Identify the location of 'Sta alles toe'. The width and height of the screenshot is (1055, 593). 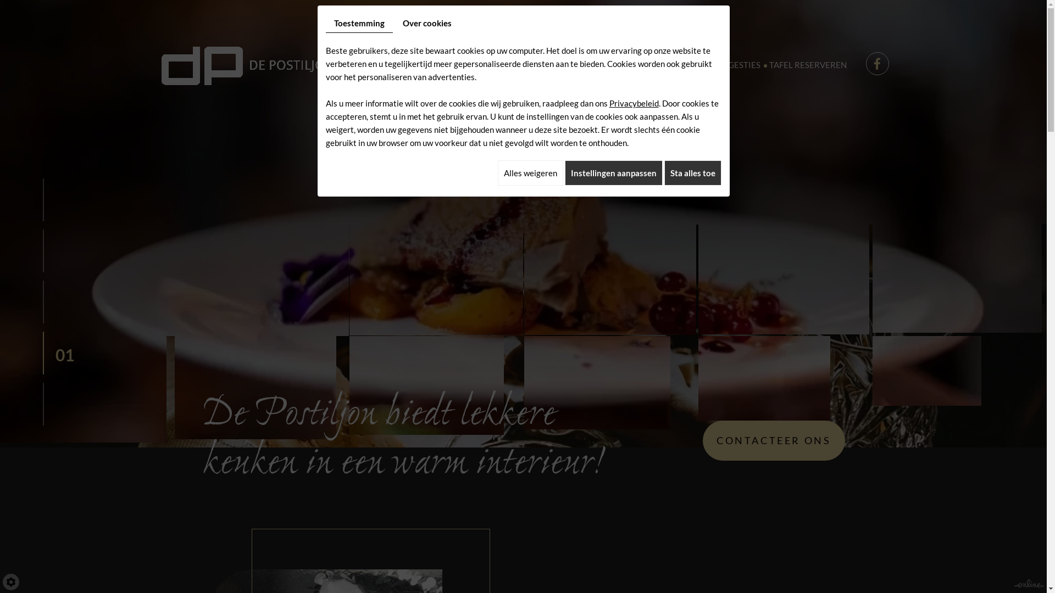
(691, 173).